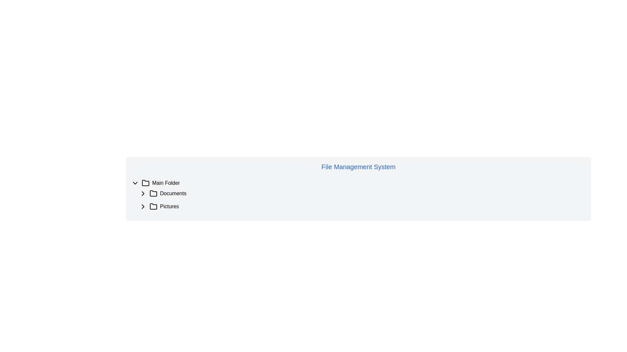 This screenshot has width=627, height=352. Describe the element at coordinates (153, 206) in the screenshot. I see `the folder icon located before the 'Pictures' label in the vertical list of items to interact with the folder` at that location.